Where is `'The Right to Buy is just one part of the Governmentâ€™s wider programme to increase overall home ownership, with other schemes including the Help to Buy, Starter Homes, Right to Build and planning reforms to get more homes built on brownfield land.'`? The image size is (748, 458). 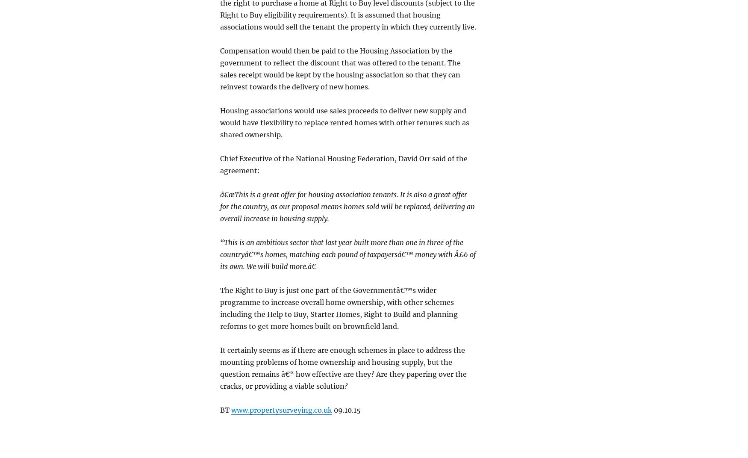 'The Right to Buy is just one part of the Governmentâ€™s wider programme to increase overall home ownership, with other schemes including the Help to Buy, Starter Homes, Right to Build and planning reforms to get more homes built on brownfield land.' is located at coordinates (338, 308).